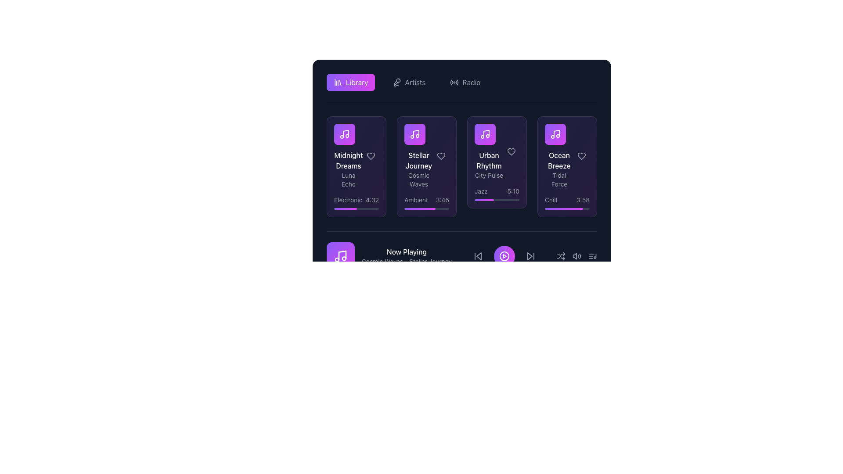  Describe the element at coordinates (408, 83) in the screenshot. I see `the microphone icon next to the text 'Artists' in the top navigation bar to change its appearance` at that location.